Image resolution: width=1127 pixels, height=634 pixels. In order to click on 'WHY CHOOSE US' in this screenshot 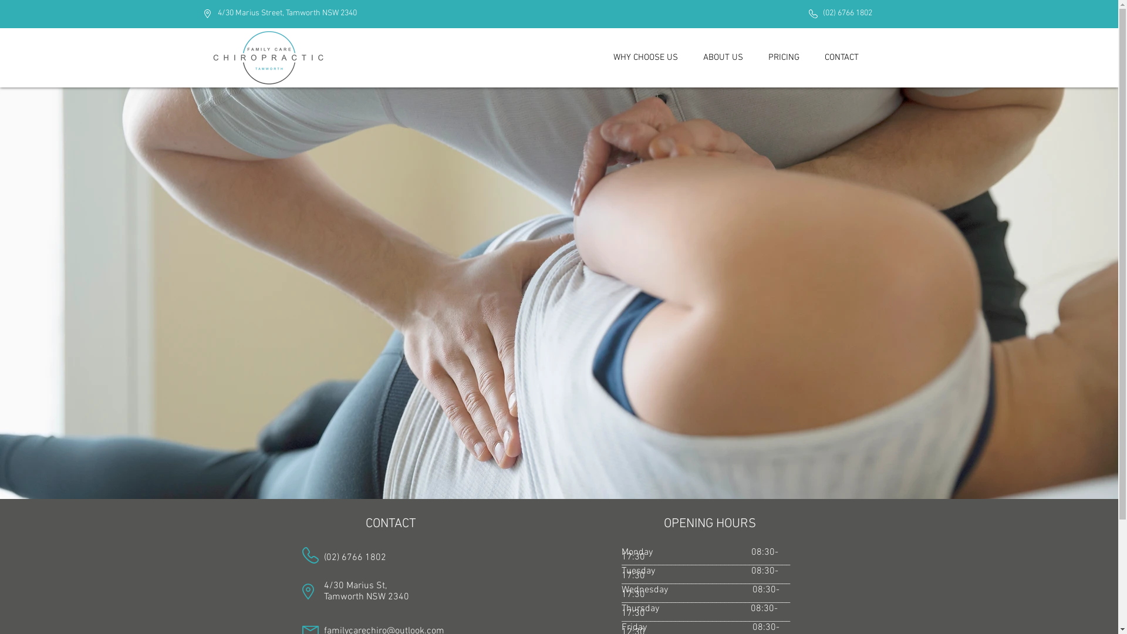, I will do `click(600, 58)`.